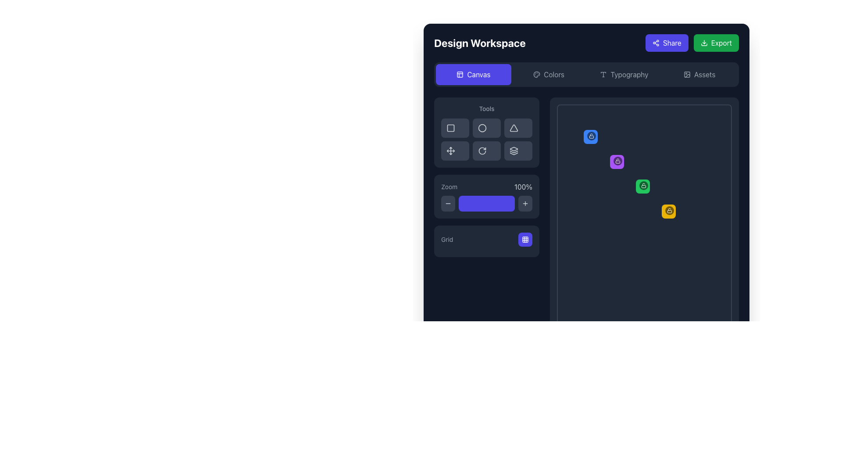 This screenshot has height=474, width=842. I want to click on the square icon with rounded corners located in the bottom-right corner of the Tools panel, identified as the 'Grid' section, so click(525, 240).